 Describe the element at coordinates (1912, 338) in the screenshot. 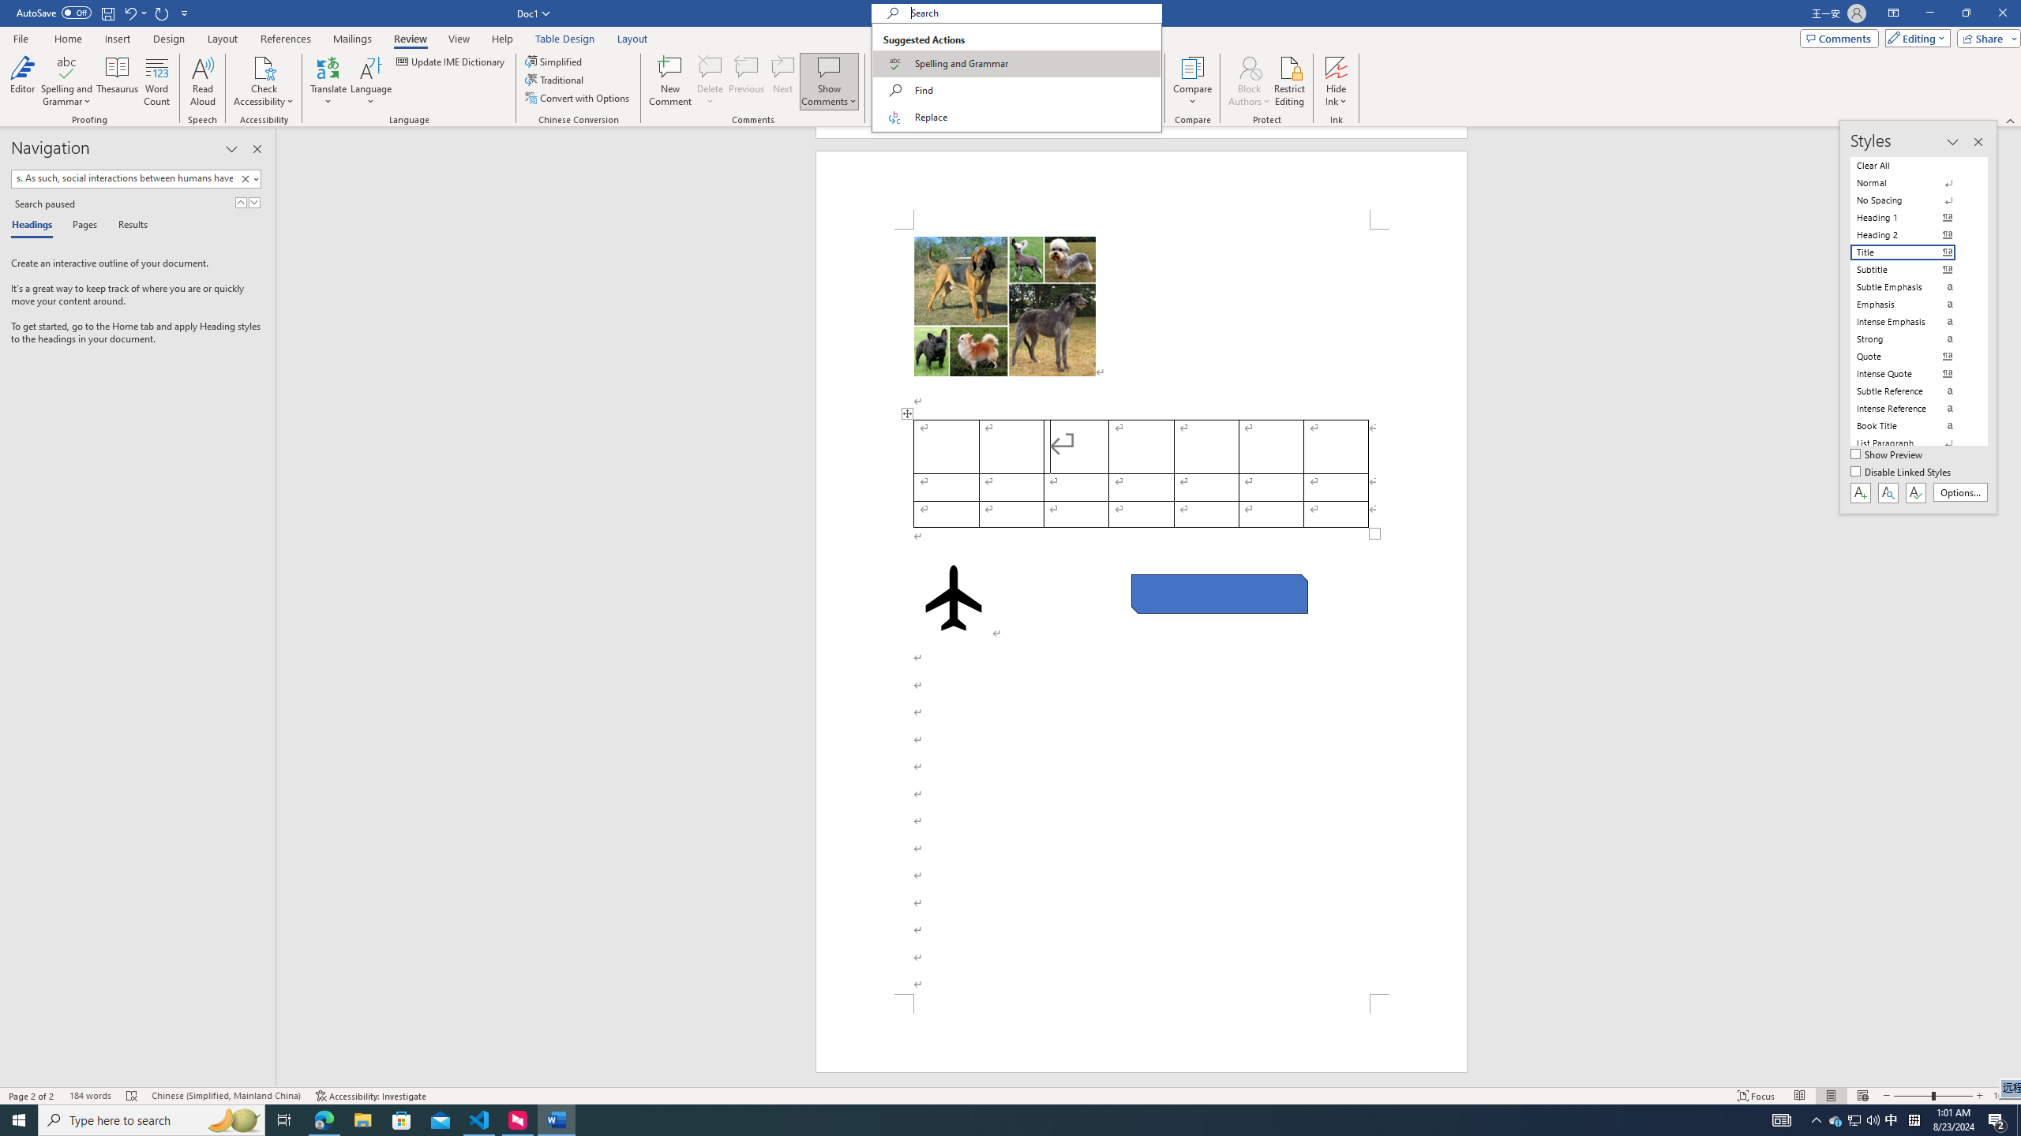

I see `'Strong'` at that location.